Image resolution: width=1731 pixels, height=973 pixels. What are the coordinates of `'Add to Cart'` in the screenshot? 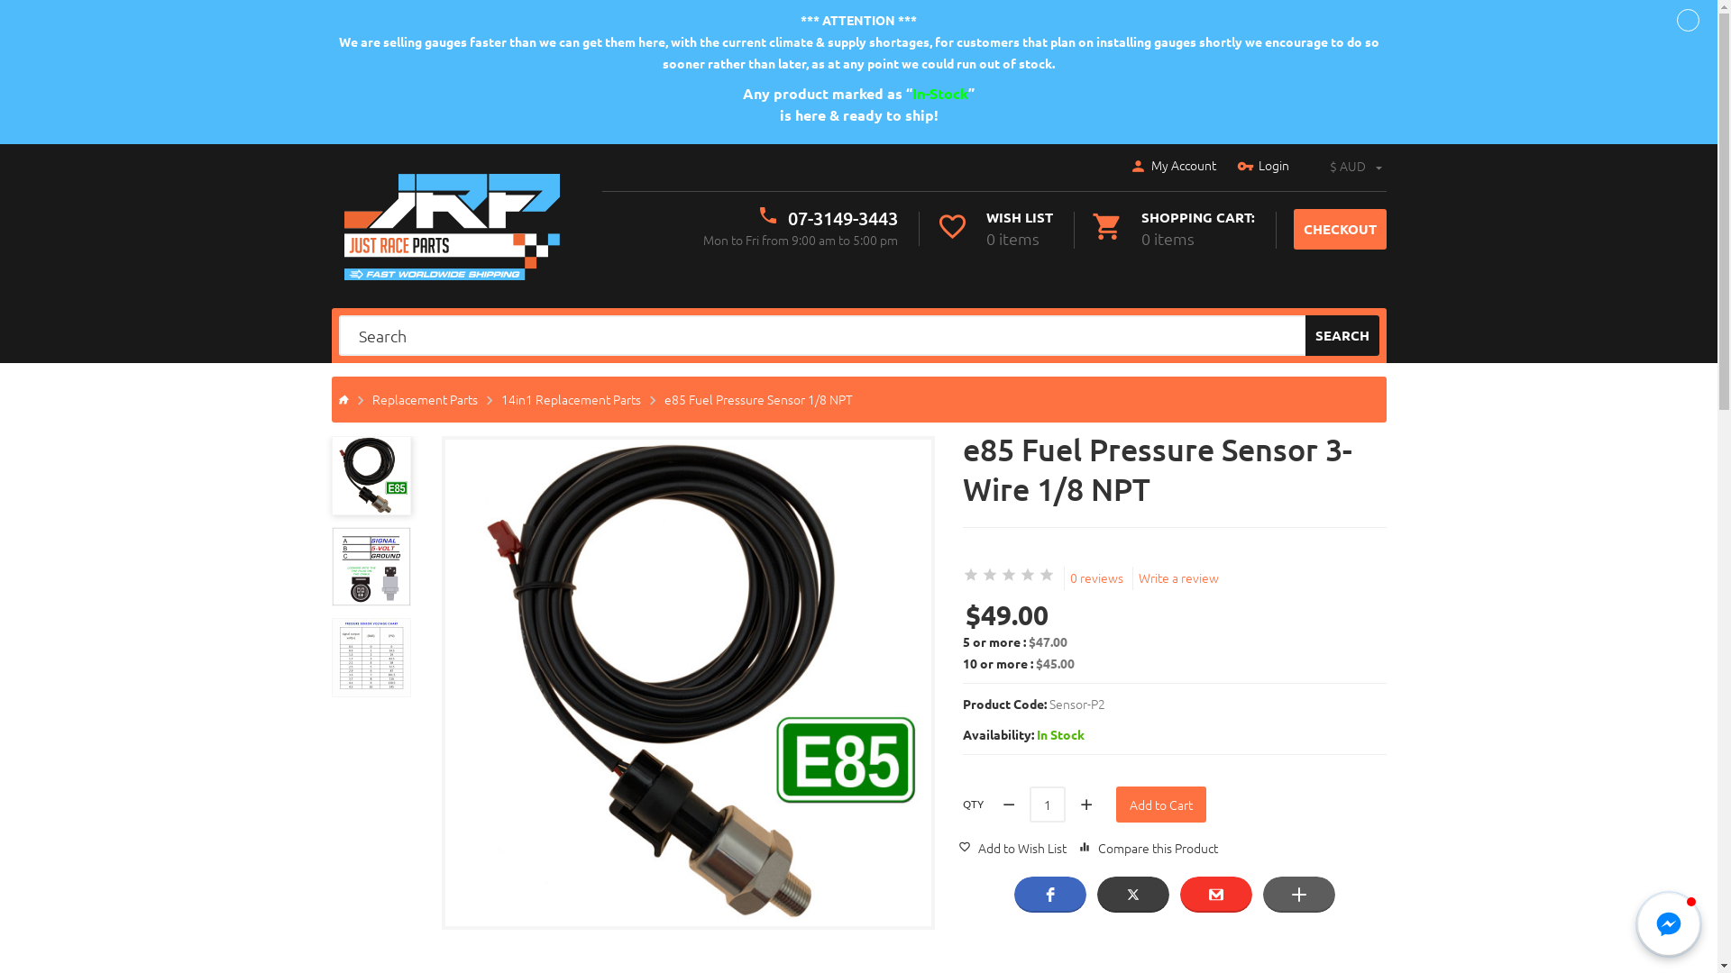 It's located at (1160, 804).